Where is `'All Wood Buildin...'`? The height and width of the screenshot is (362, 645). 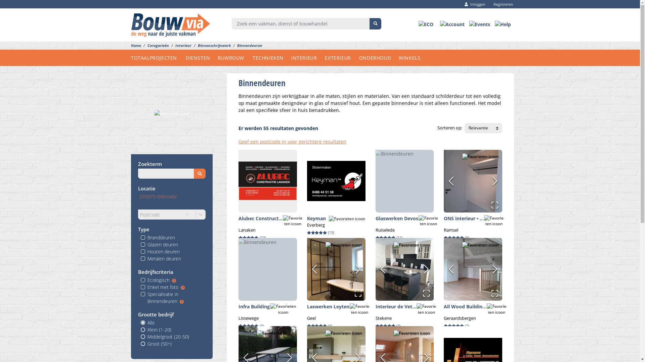 'All Wood Buildin...' is located at coordinates (465, 306).